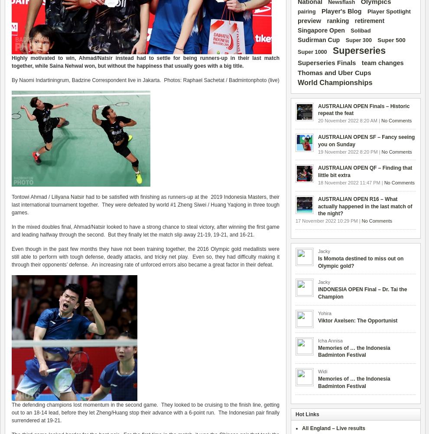  Describe the element at coordinates (11, 62) in the screenshot. I see `'-up in their last match together'` at that location.